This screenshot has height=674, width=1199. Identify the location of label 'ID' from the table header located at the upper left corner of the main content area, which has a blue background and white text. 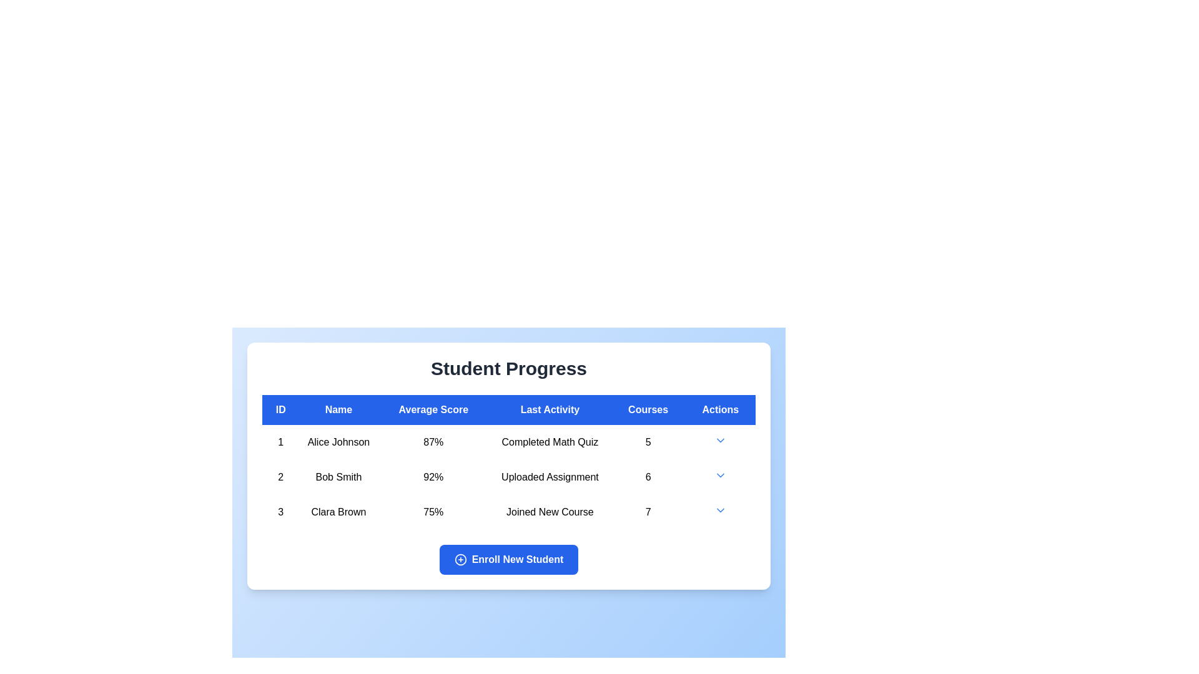
(280, 409).